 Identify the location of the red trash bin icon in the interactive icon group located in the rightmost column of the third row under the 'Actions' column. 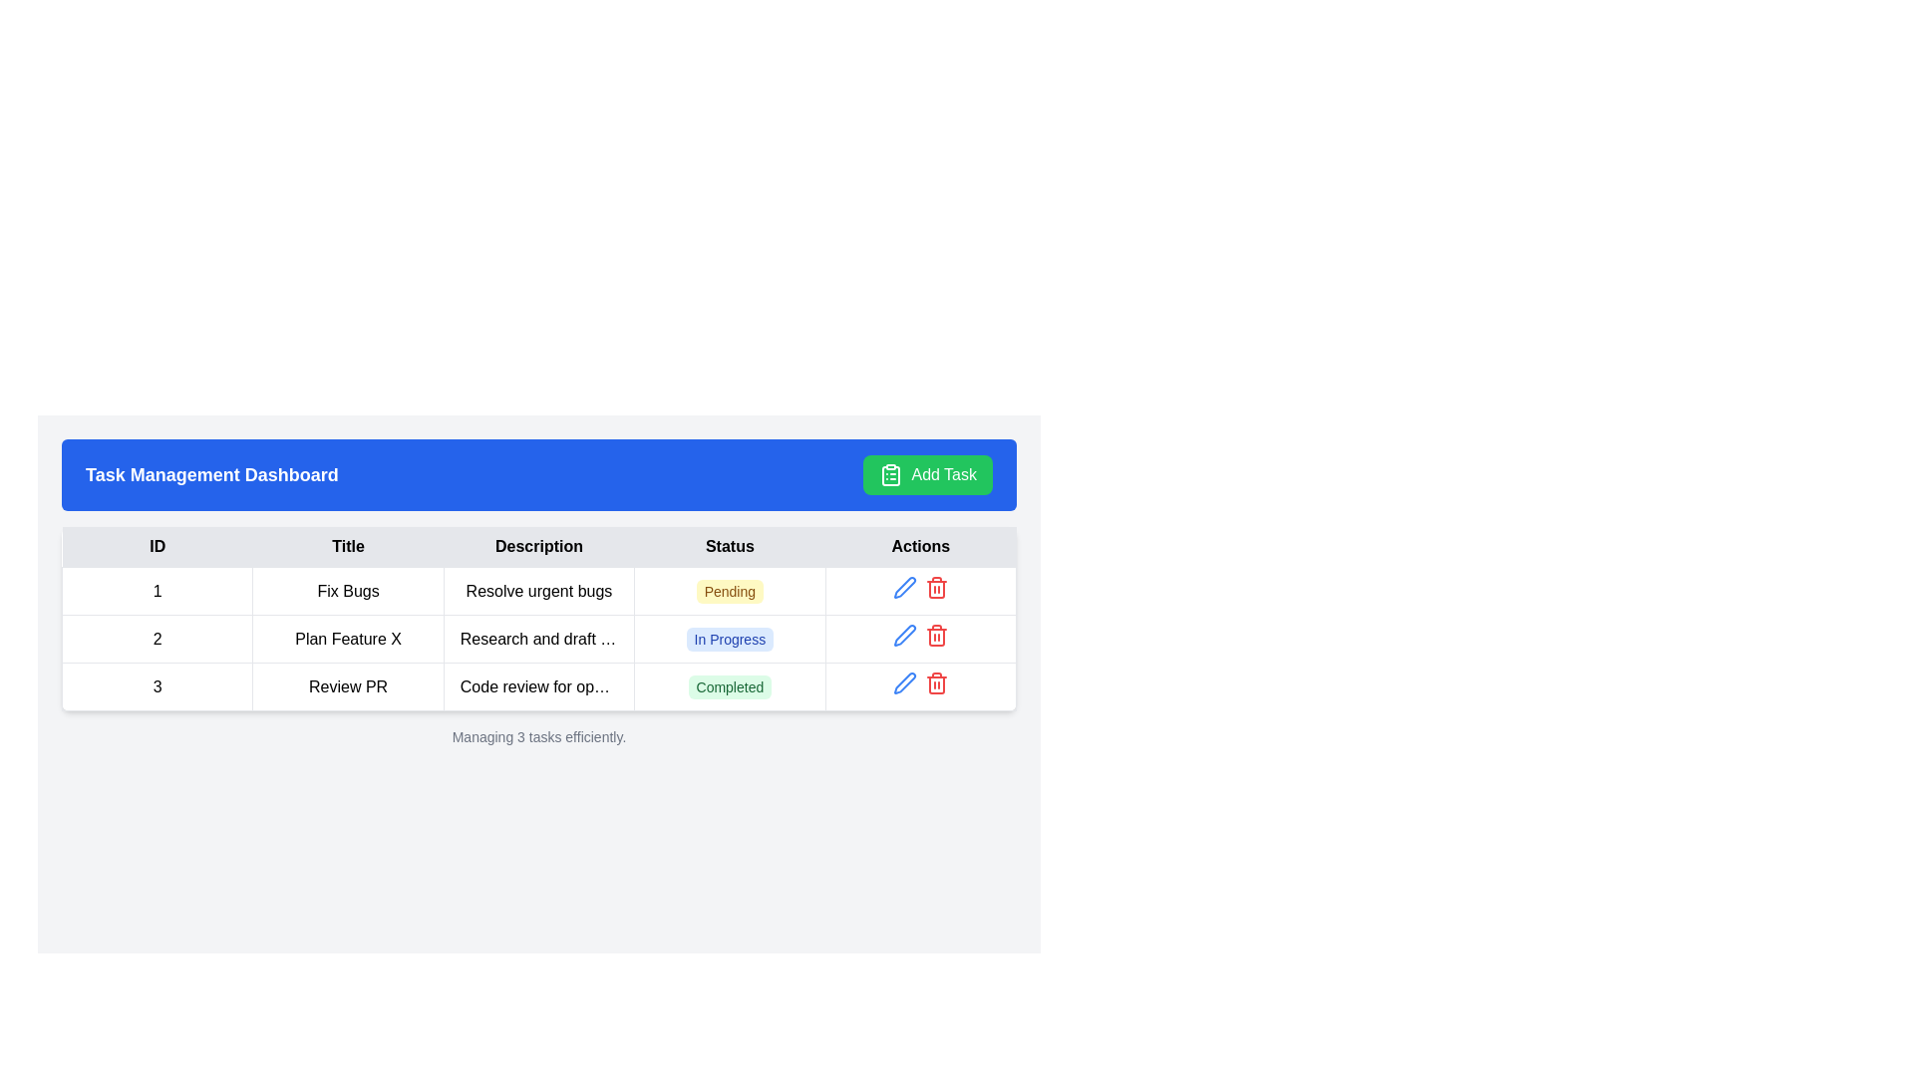
(919, 685).